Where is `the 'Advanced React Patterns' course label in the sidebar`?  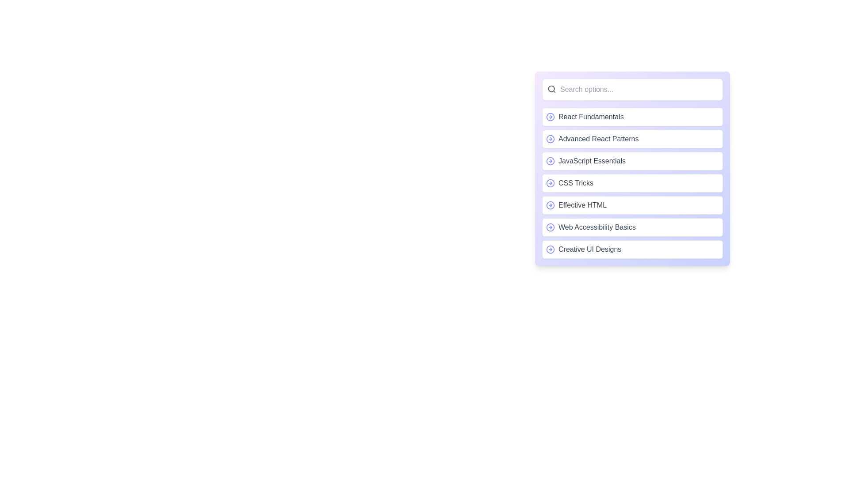
the 'Advanced React Patterns' course label in the sidebar is located at coordinates (598, 139).